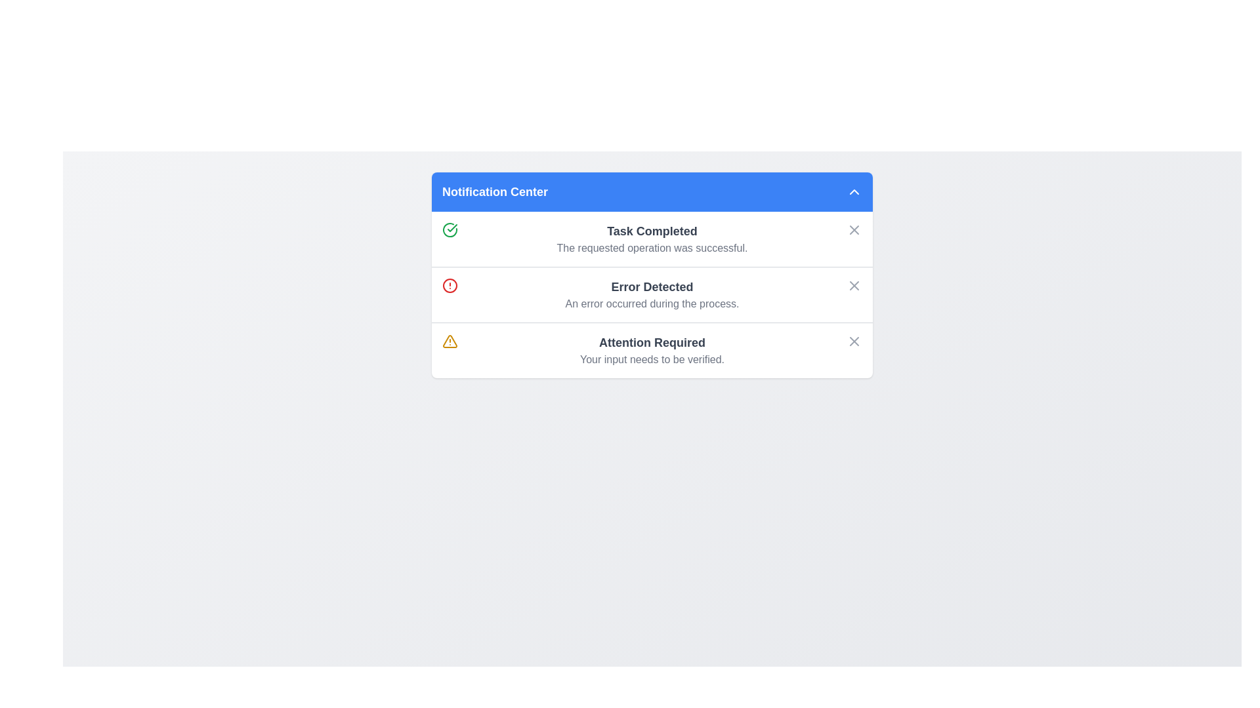 Image resolution: width=1260 pixels, height=708 pixels. What do you see at coordinates (652, 248) in the screenshot?
I see `the static text element displaying the message 'The requested operation was successful.' which is located below the 'Task Completed' heading in the notification display` at bounding box center [652, 248].